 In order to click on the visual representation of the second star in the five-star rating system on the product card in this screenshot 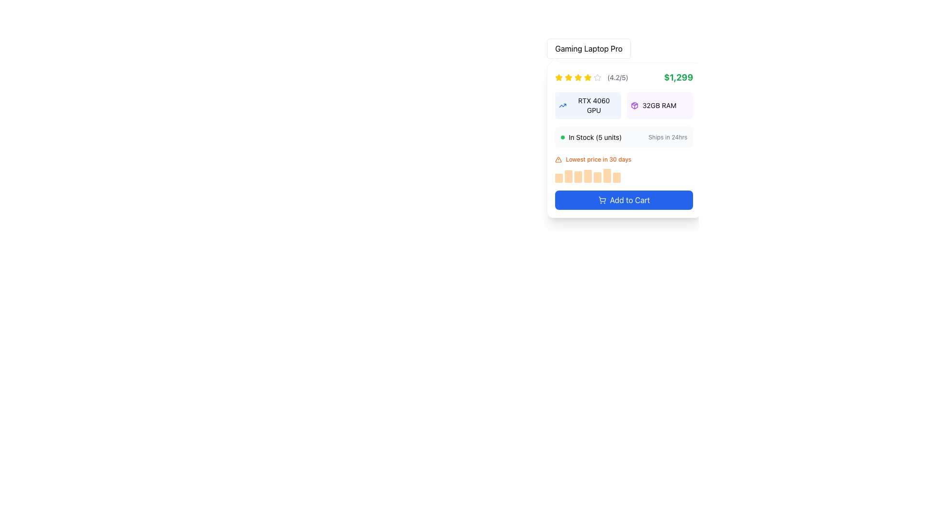, I will do `click(597, 77)`.